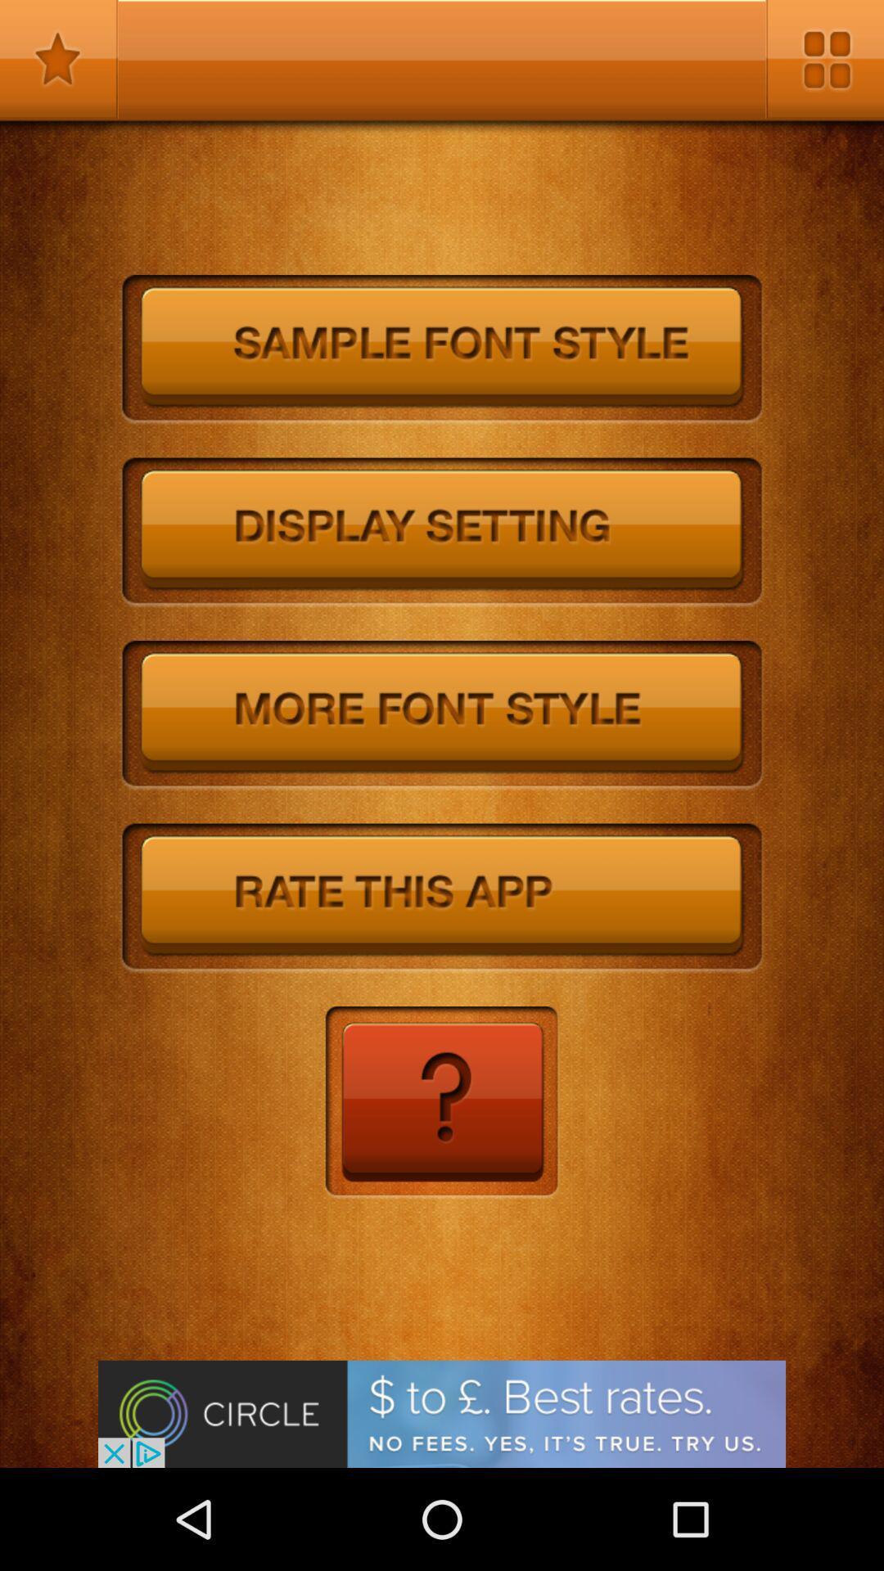 Image resolution: width=884 pixels, height=1571 pixels. I want to click on open app help, so click(440, 1103).